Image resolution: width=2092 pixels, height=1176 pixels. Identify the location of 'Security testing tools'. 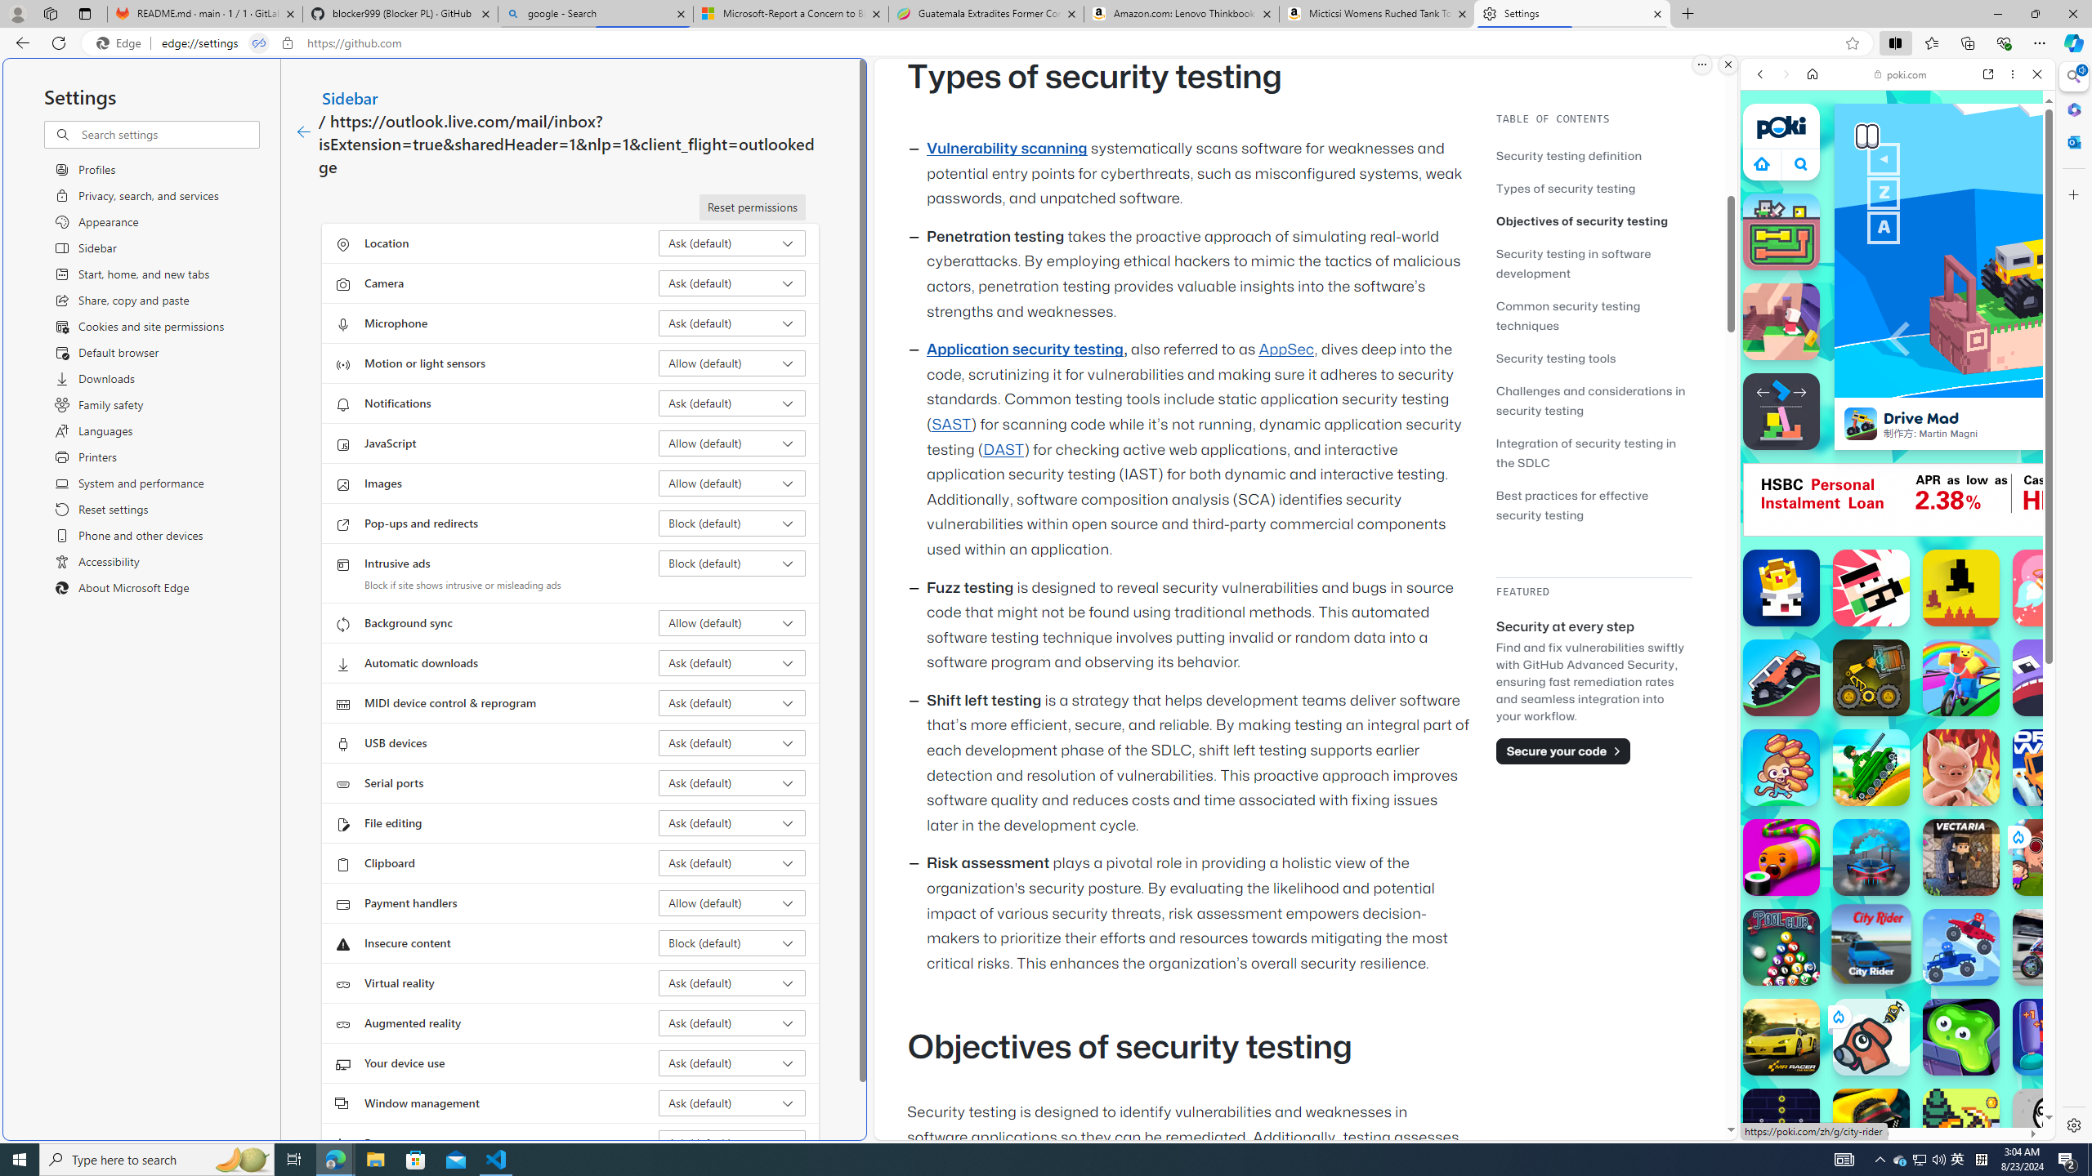
(1593, 357).